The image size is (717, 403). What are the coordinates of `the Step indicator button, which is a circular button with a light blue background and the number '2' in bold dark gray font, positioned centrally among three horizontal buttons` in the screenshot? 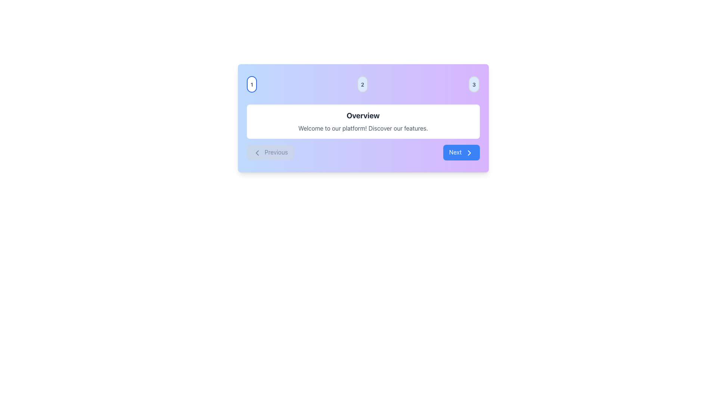 It's located at (363, 84).